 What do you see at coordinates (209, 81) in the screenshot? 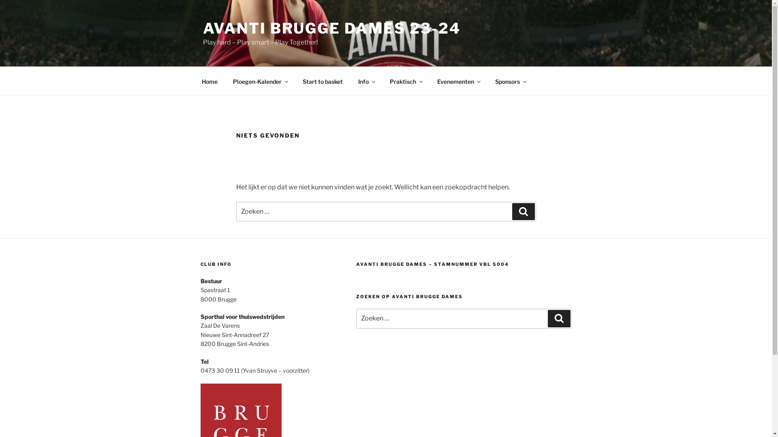
I see `'Home'` at bounding box center [209, 81].